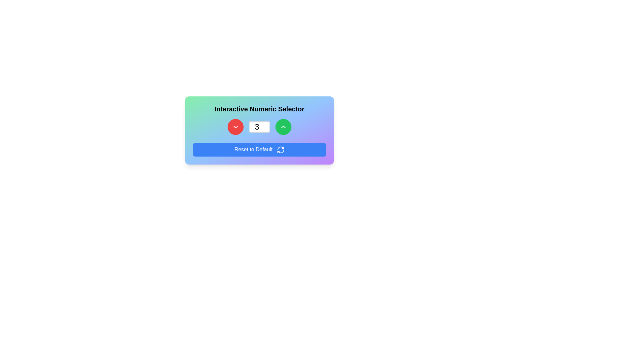  I want to click on the rectangular button with rounded corners that has a blue background and white text reading 'Reset to Default' to trigger its hover state, so click(259, 150).